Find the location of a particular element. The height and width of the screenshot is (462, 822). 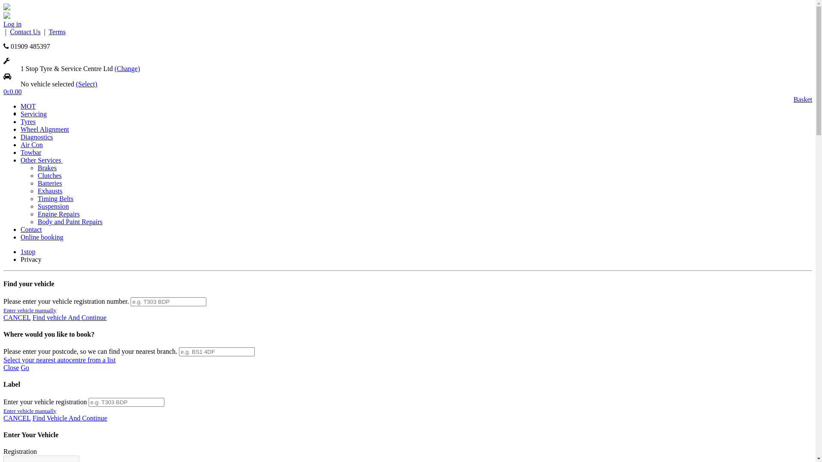

'Towbar' is located at coordinates (31, 152).